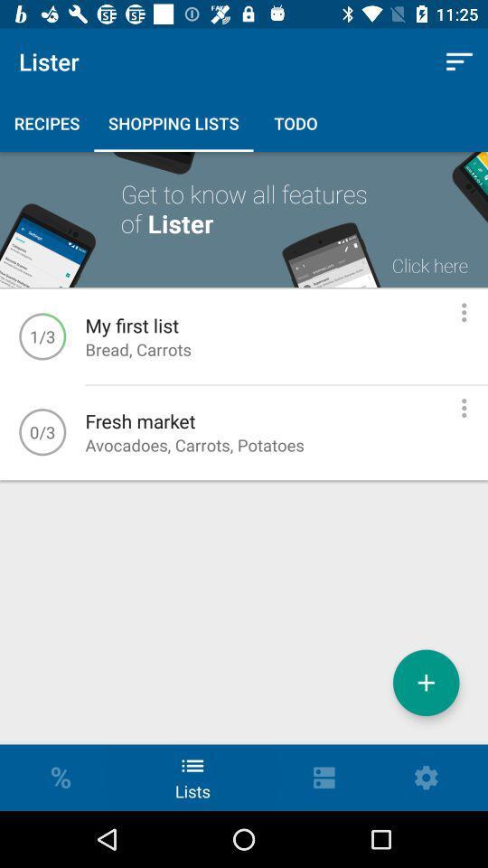  I want to click on icon at the top right corner, so click(459, 61).